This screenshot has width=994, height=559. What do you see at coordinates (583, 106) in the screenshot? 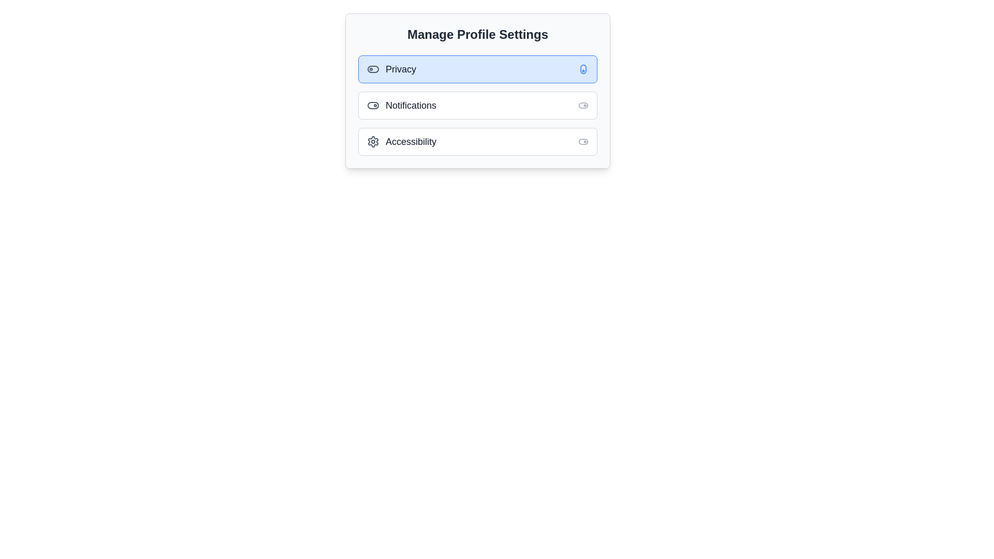
I see `the SVG rectangle that serves as the background of the toggle switch for the 'Notifications' label` at bounding box center [583, 106].